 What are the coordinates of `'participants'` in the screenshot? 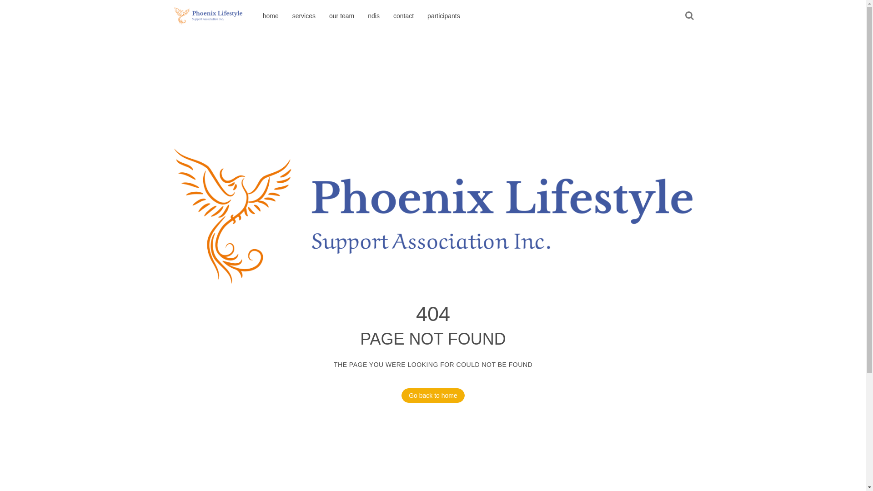 It's located at (420, 15).